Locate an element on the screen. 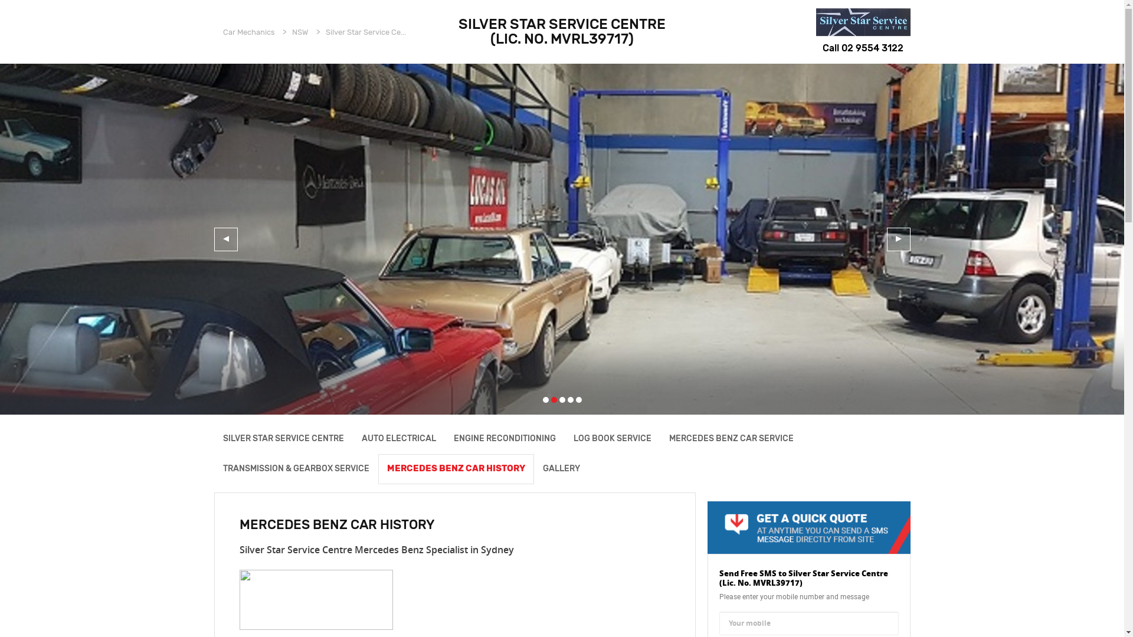 This screenshot has width=1133, height=637. '2' is located at coordinates (554, 399).